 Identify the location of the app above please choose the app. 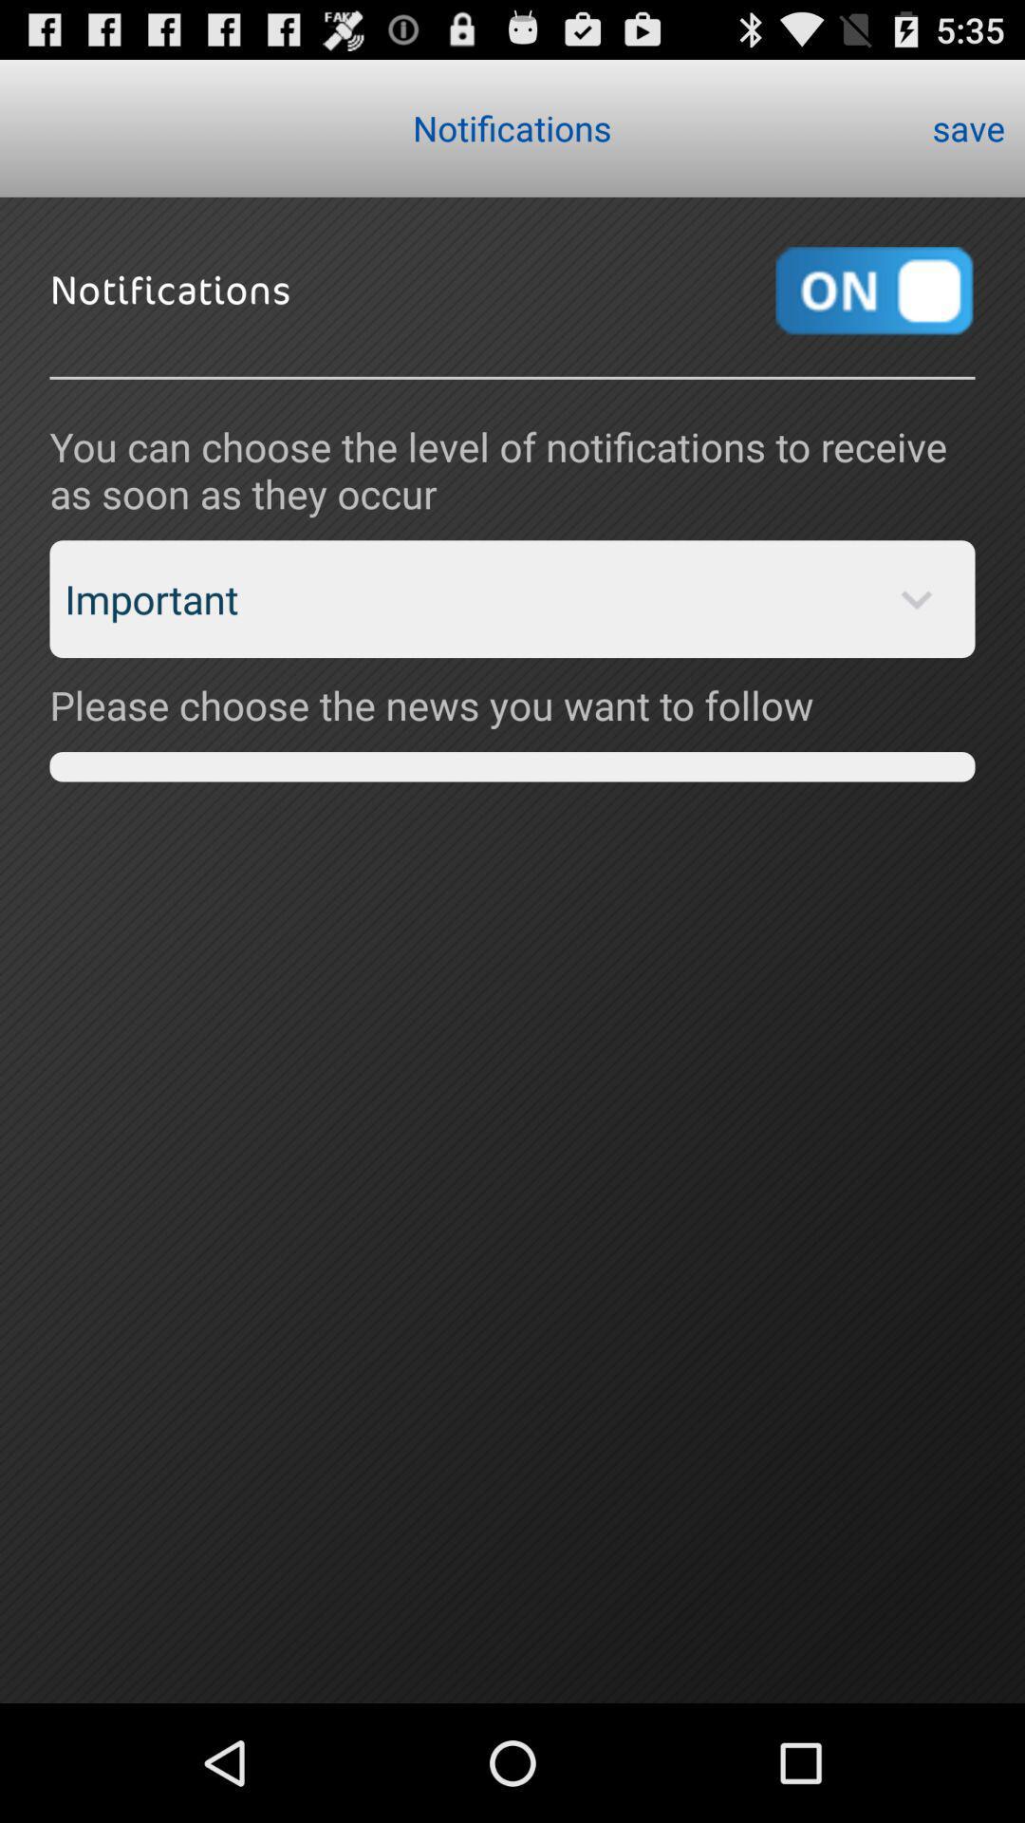
(512, 598).